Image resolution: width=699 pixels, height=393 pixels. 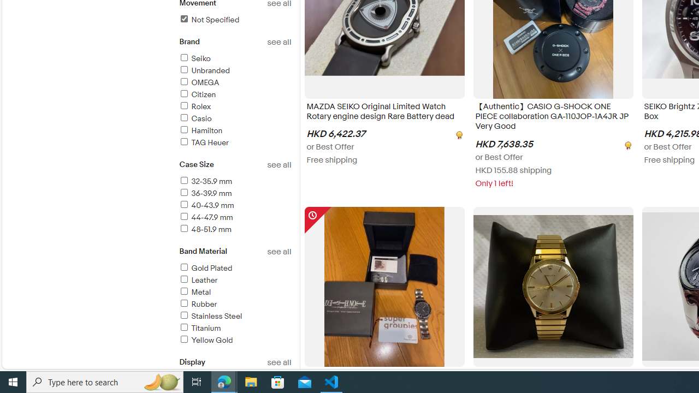 I want to click on 'Rolex', so click(x=194, y=106).